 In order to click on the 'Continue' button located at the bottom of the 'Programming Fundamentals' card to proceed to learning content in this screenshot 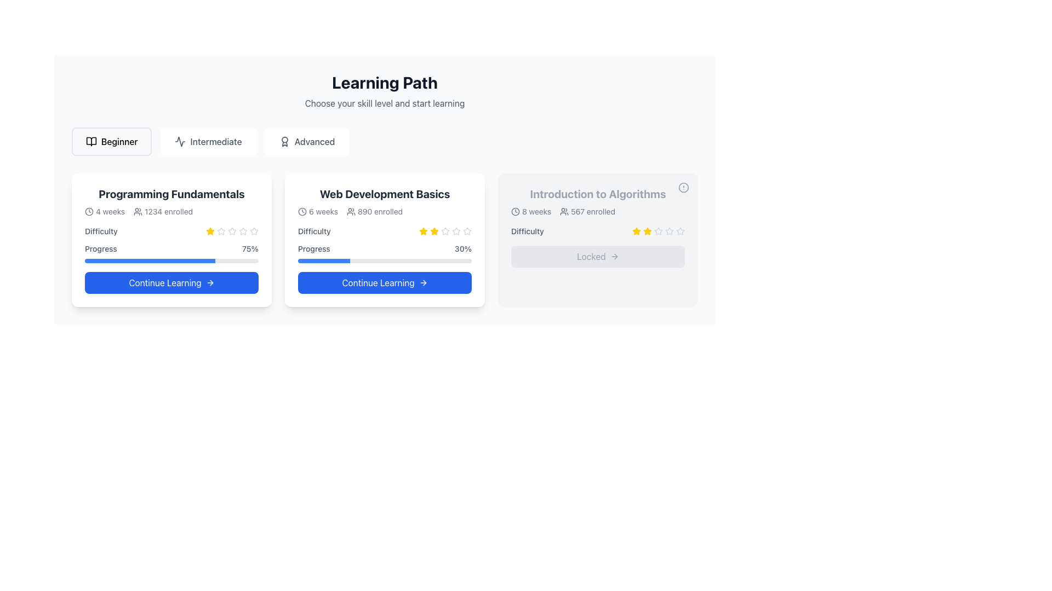, I will do `click(171, 282)`.